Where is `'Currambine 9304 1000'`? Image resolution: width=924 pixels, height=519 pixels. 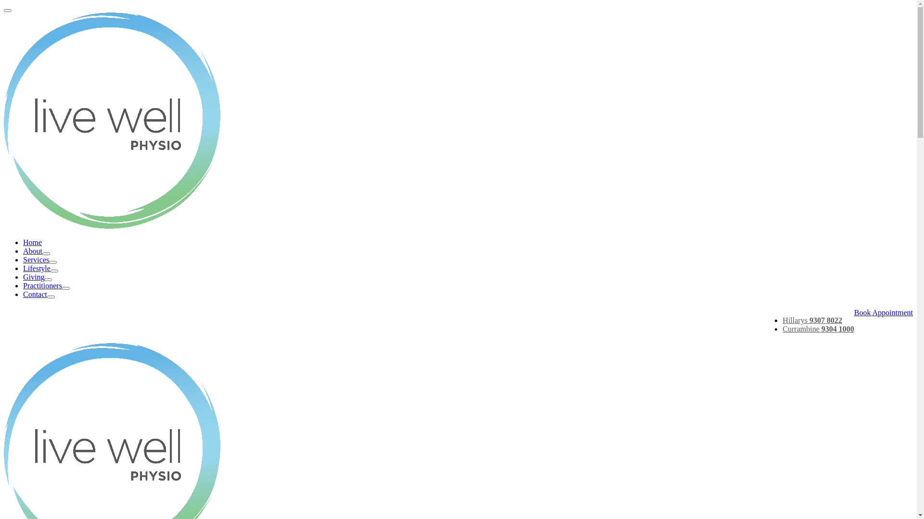 'Currambine 9304 1000' is located at coordinates (783, 328).